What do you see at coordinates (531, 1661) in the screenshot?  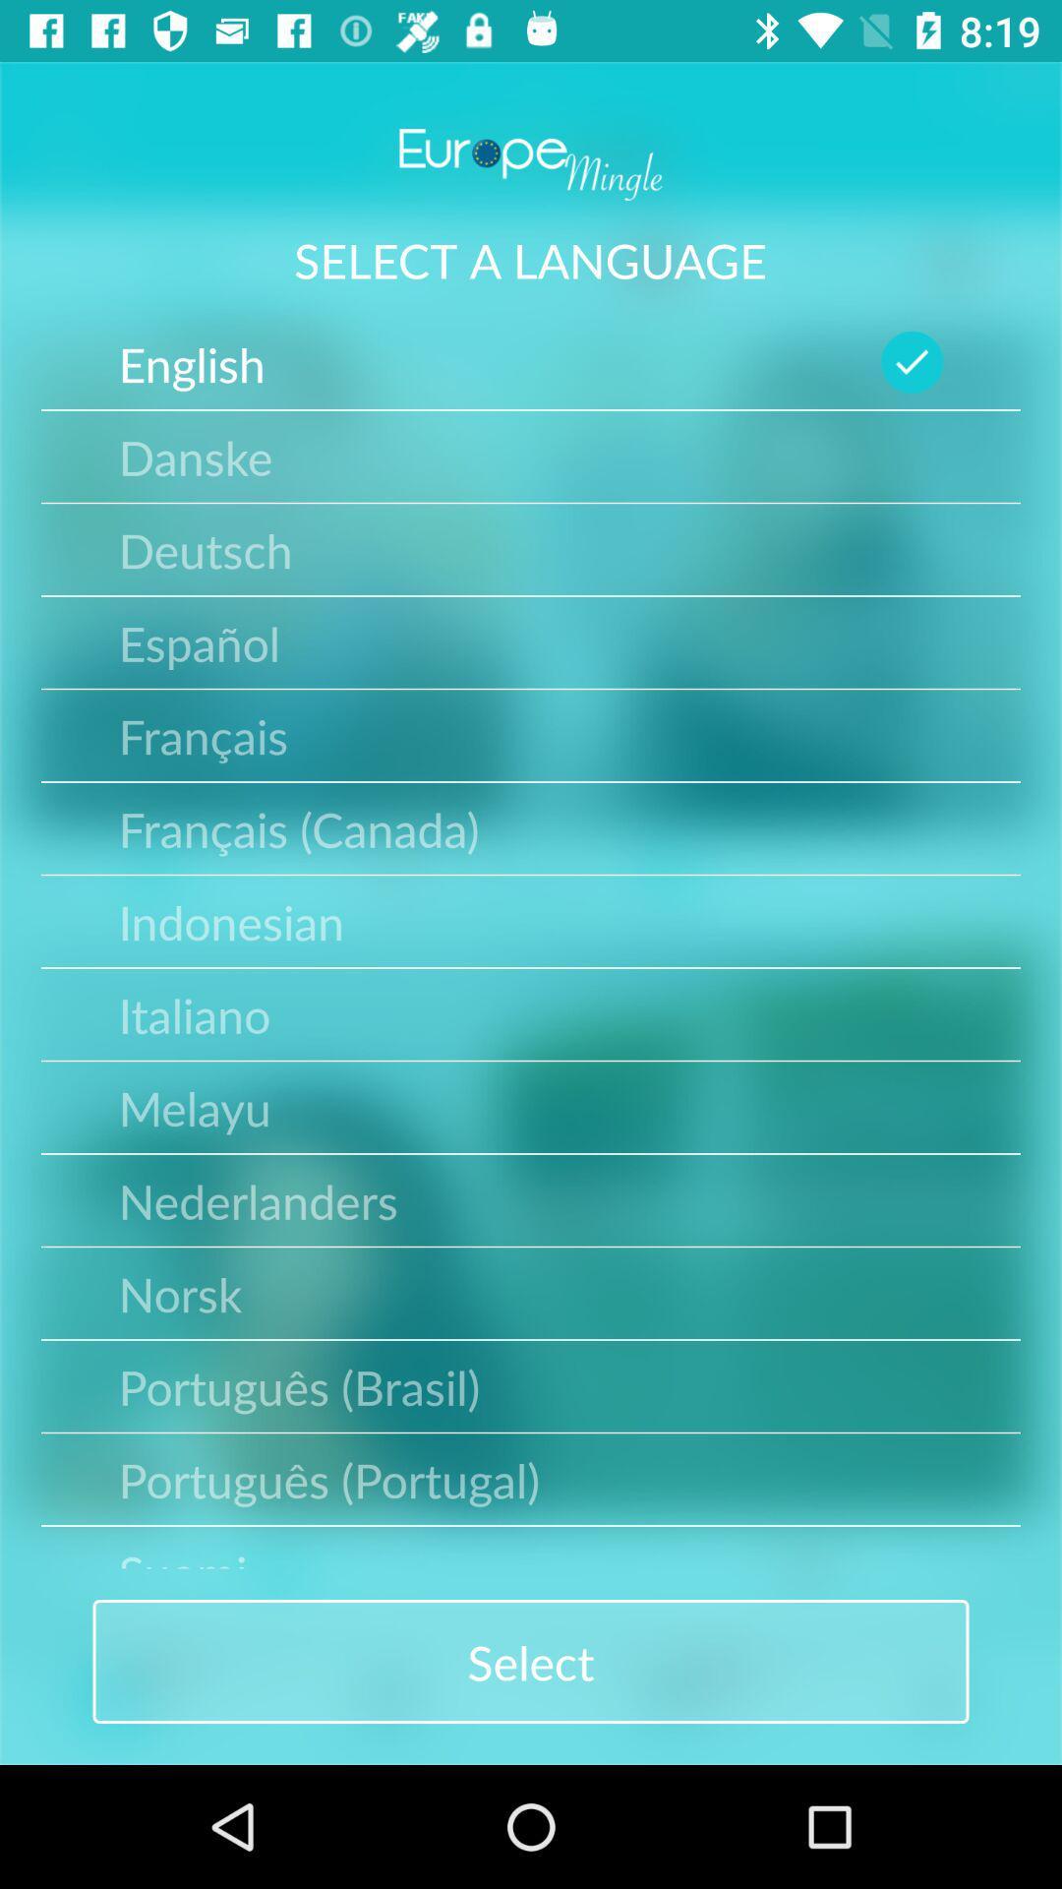 I see `tap on the button named as select` at bounding box center [531, 1661].